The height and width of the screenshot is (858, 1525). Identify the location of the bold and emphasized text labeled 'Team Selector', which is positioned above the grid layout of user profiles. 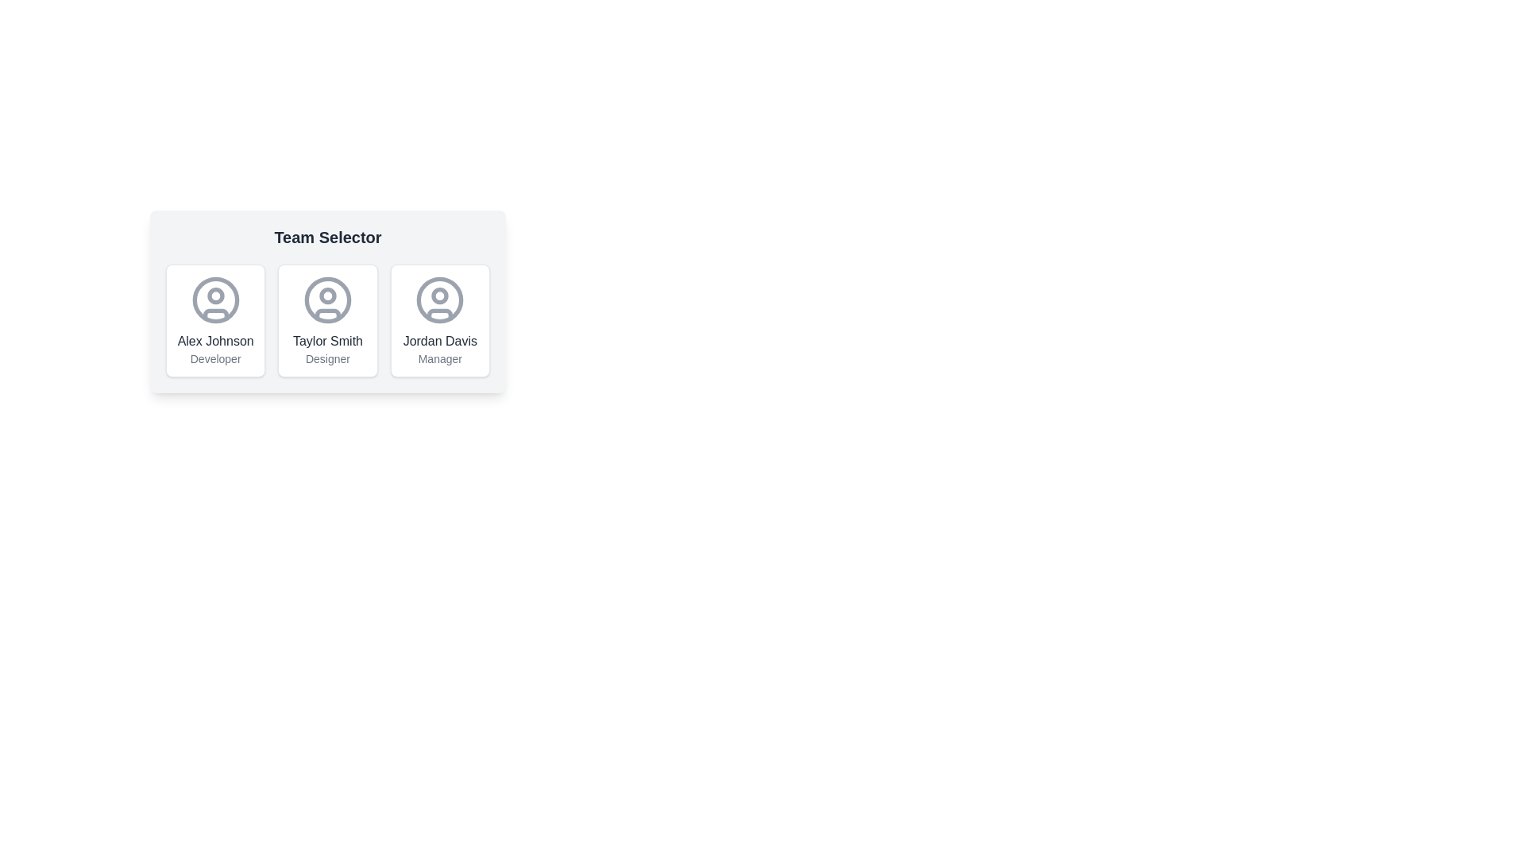
(326, 238).